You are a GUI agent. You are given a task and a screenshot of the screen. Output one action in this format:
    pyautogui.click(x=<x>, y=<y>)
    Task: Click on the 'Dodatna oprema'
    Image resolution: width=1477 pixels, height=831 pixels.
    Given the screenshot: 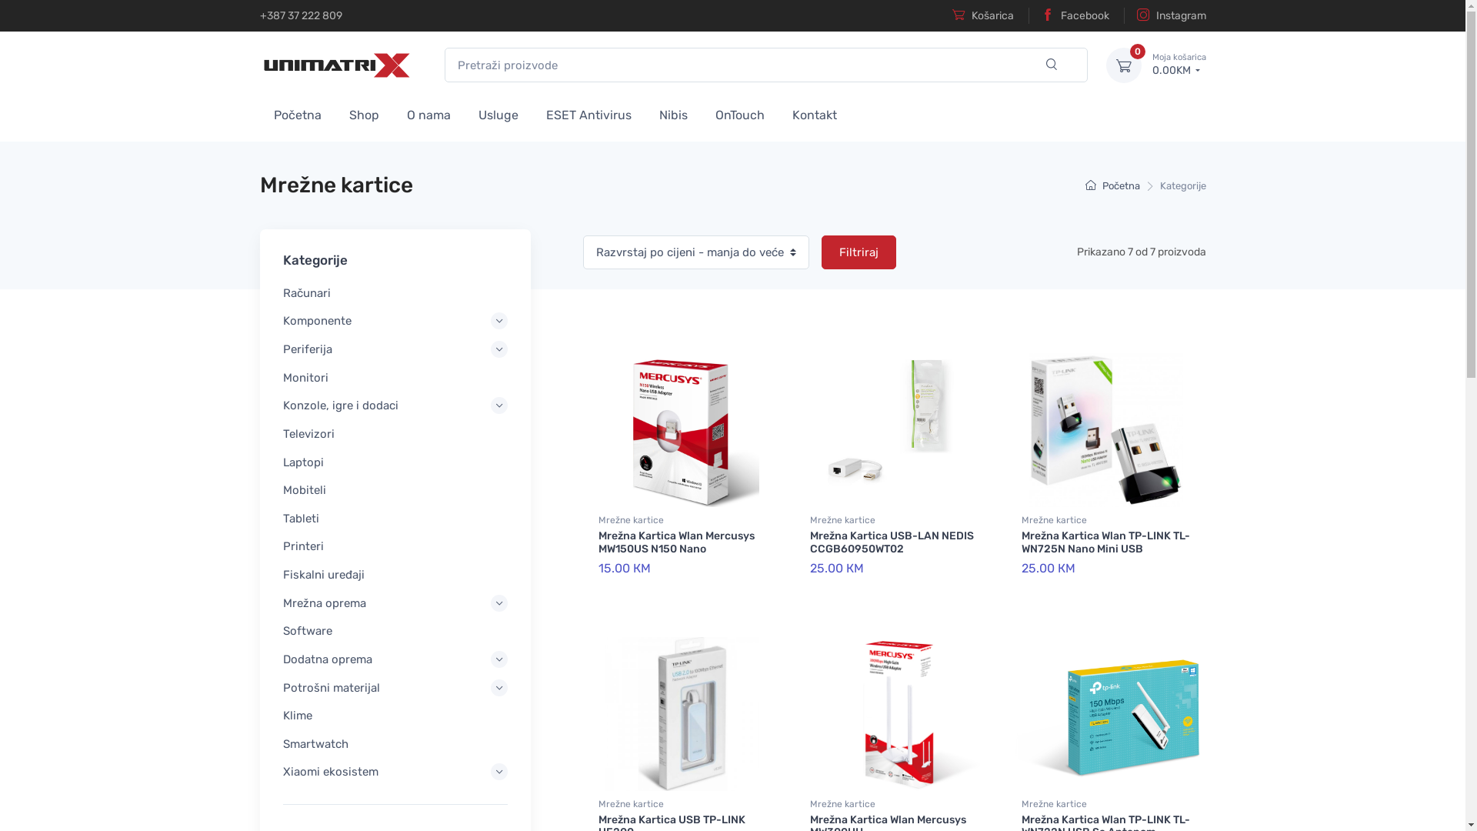 What is the action you would take?
    pyautogui.click(x=395, y=658)
    